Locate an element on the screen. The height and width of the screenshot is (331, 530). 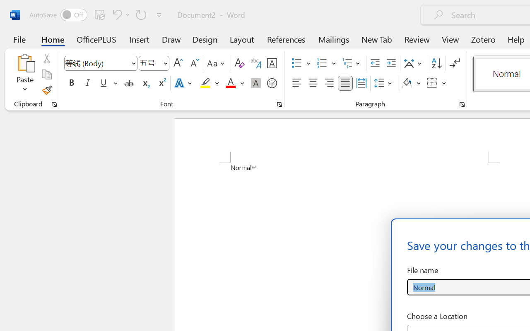
'Bullets' is located at coordinates (296, 63).